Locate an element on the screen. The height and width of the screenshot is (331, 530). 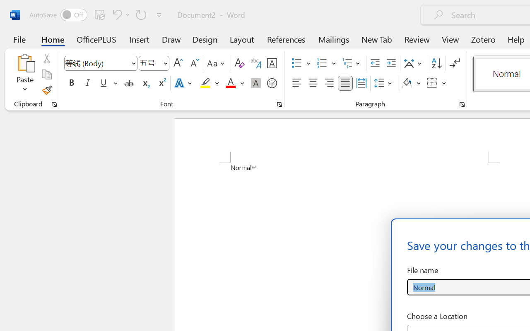
'Bullets' is located at coordinates (296, 63).